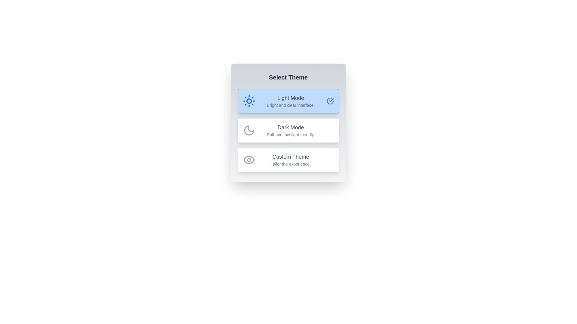  Describe the element at coordinates (291, 127) in the screenshot. I see `the 'Dark Mode' text label, which indicates the name of the theme option and is positioned above the descriptive text 'Soft and low-light friendly.'` at that location.